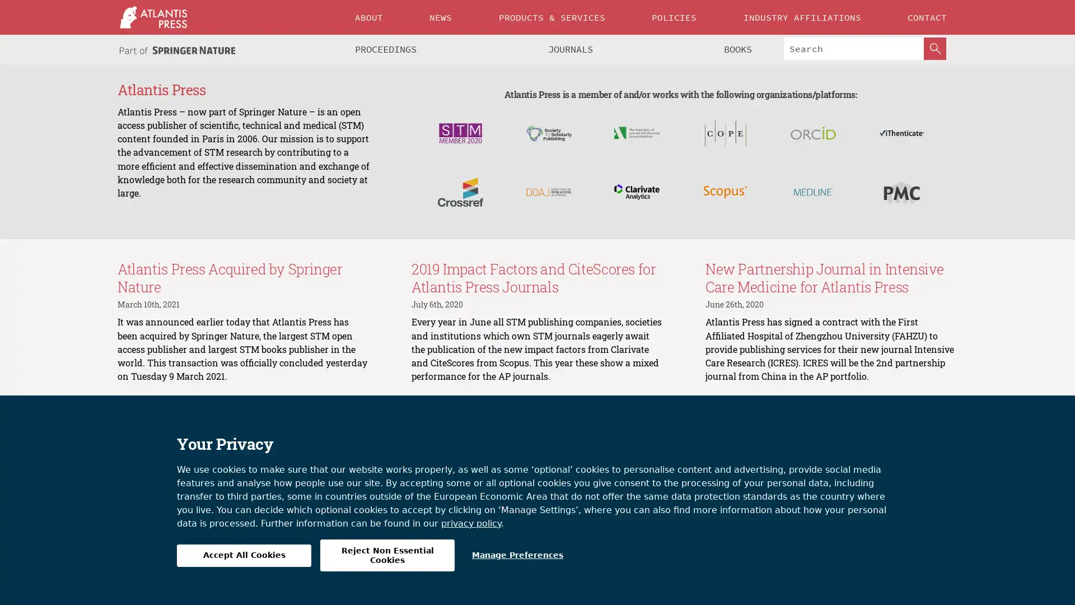 The height and width of the screenshot is (605, 1075). What do you see at coordinates (387, 555) in the screenshot?
I see `Reject Non Essential Cookies` at bounding box center [387, 555].